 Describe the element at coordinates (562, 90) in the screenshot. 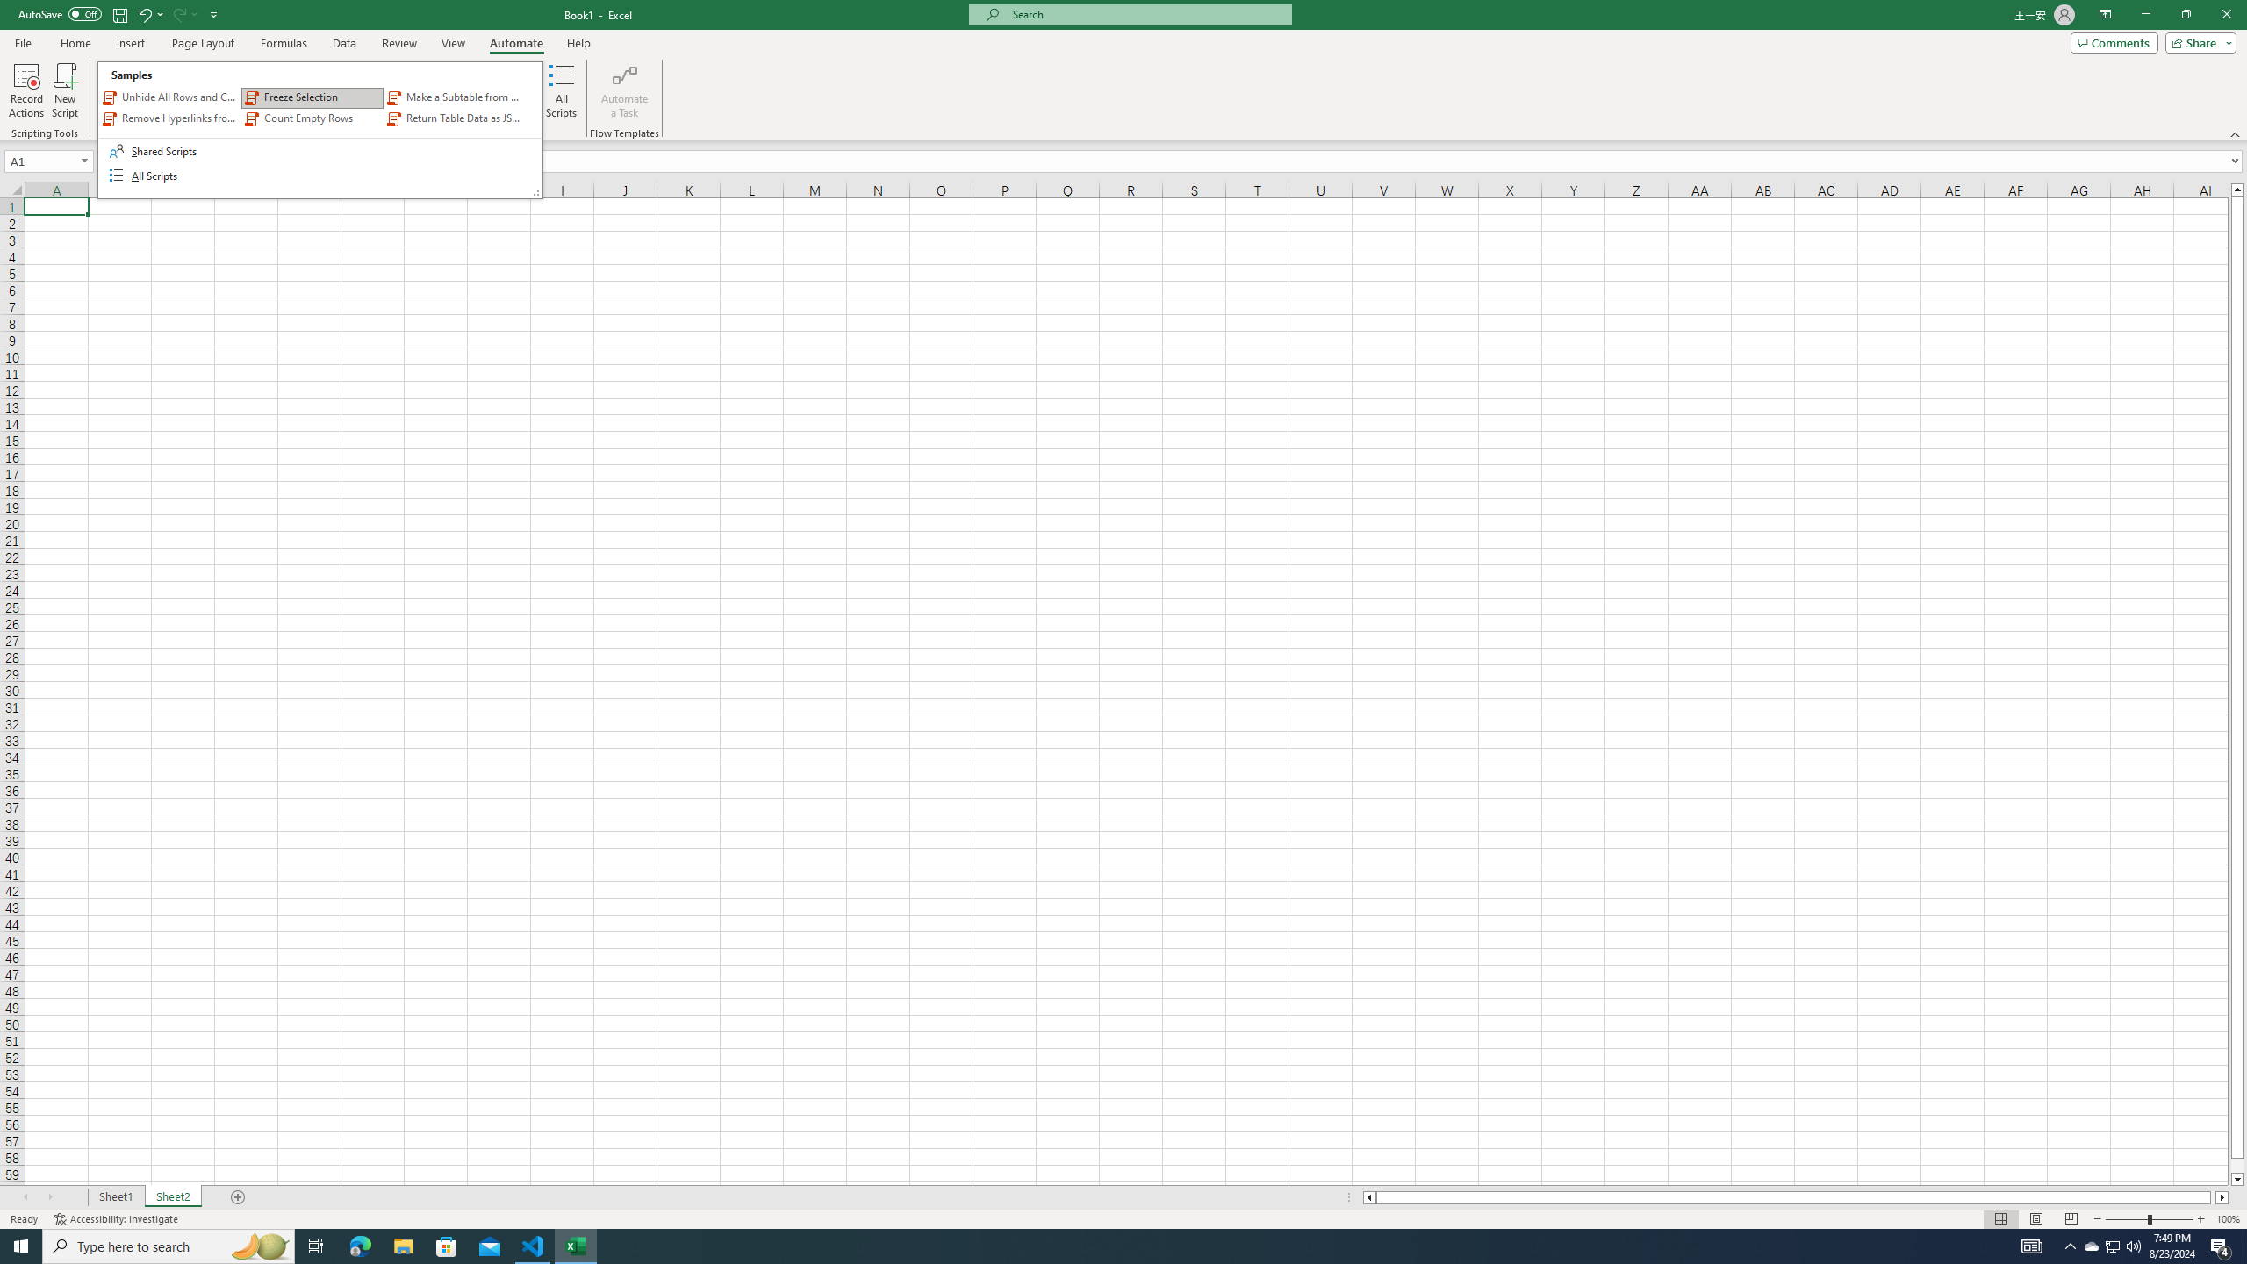

I see `'All Scripts'` at that location.